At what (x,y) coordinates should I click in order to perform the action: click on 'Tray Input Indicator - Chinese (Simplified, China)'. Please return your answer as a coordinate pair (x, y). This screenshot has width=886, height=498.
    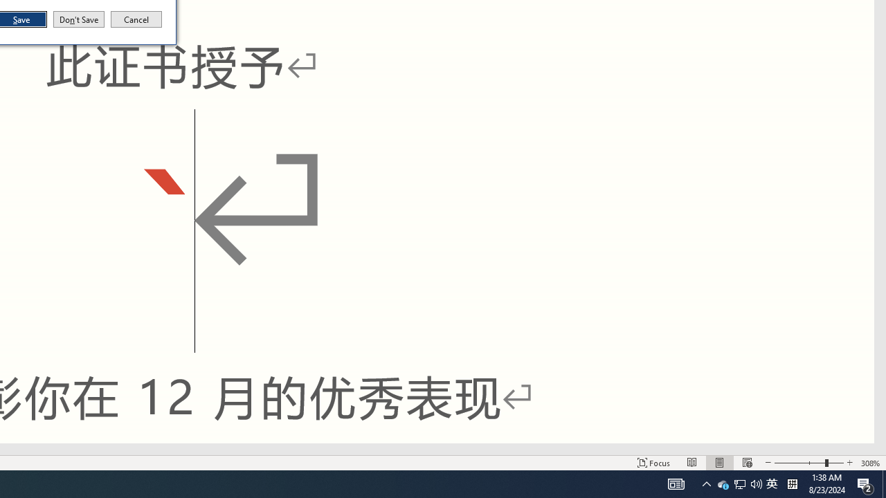
    Looking at the image, I should click on (792, 483).